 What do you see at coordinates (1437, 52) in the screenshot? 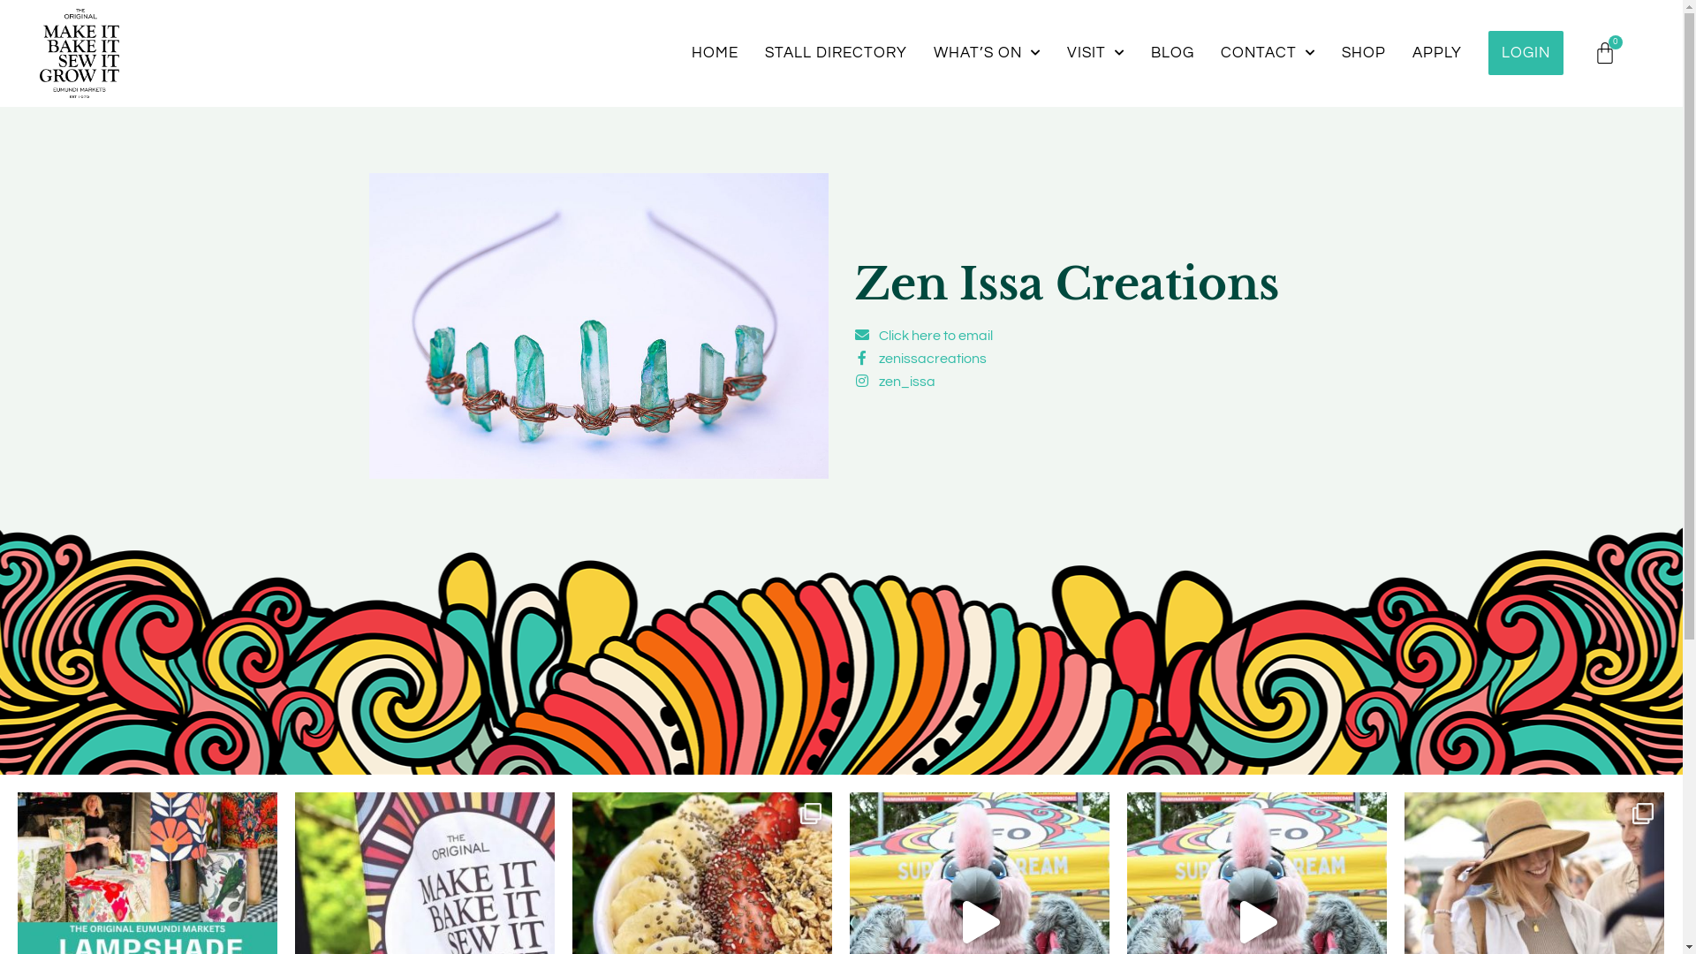
I see `'APPLY'` at bounding box center [1437, 52].